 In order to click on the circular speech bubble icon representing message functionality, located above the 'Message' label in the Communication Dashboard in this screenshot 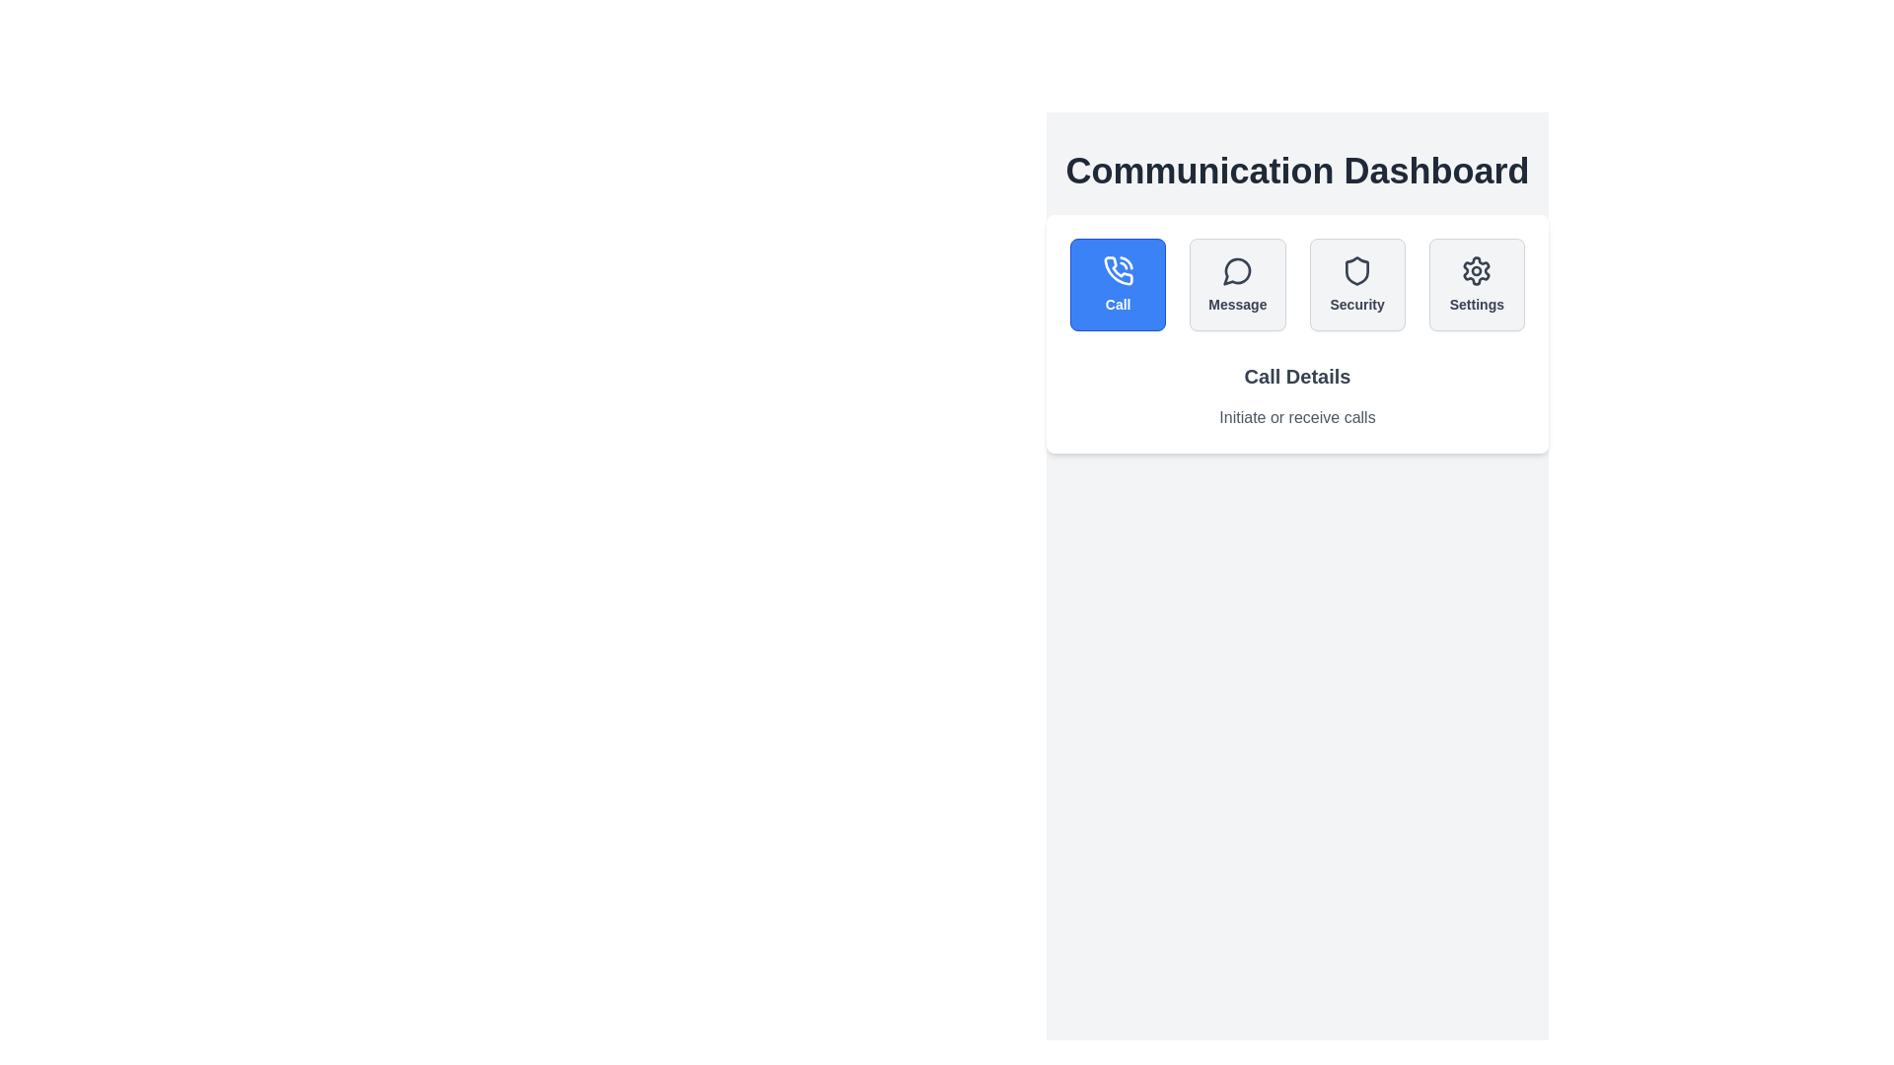, I will do `click(1236, 270)`.